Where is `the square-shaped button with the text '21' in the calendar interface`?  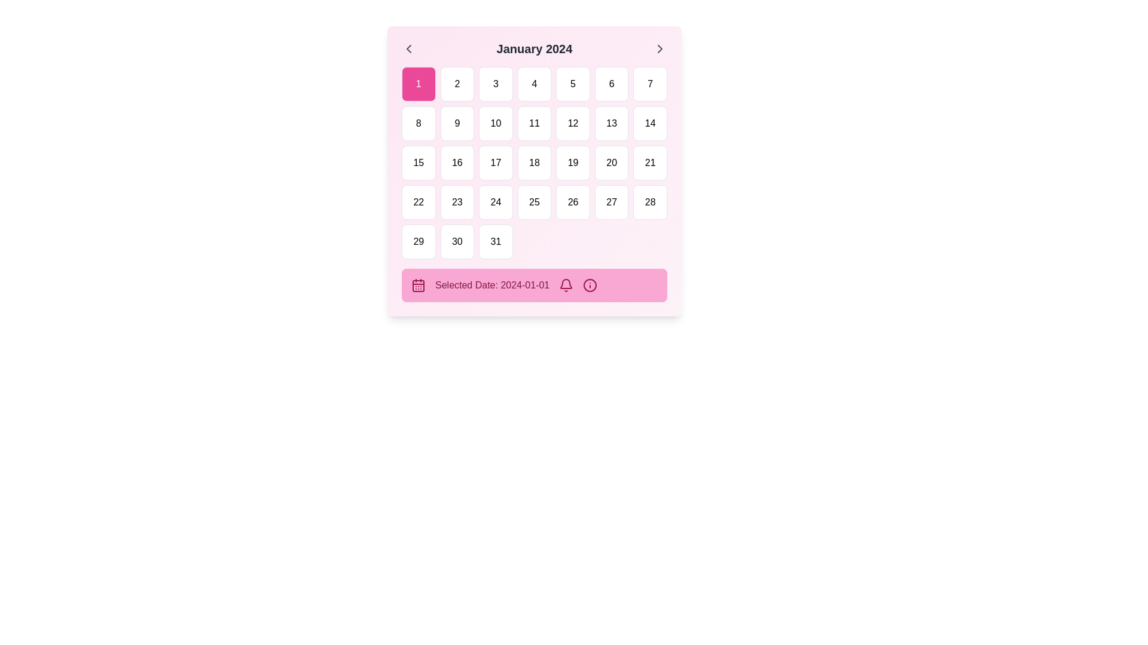 the square-shaped button with the text '21' in the calendar interface is located at coordinates (649, 163).